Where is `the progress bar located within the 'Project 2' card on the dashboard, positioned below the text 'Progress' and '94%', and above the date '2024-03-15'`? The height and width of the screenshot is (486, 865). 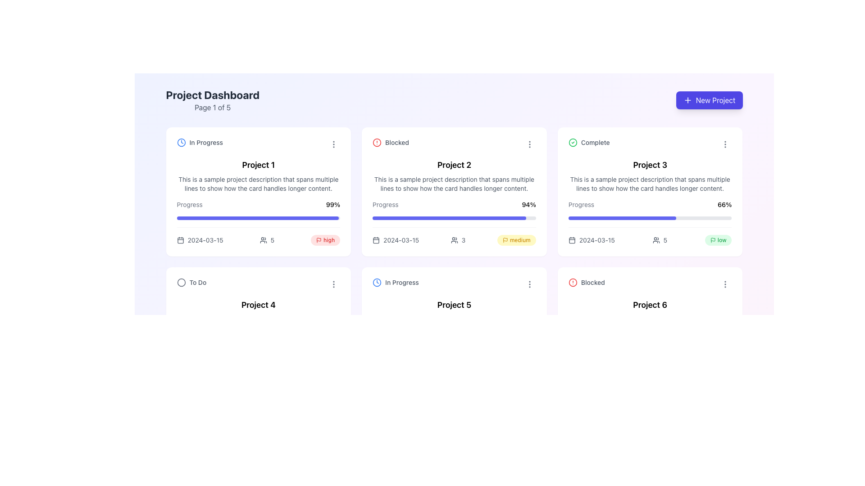 the progress bar located within the 'Project 2' card on the dashboard, positioned below the text 'Progress' and '94%', and above the date '2024-03-15' is located at coordinates (454, 218).